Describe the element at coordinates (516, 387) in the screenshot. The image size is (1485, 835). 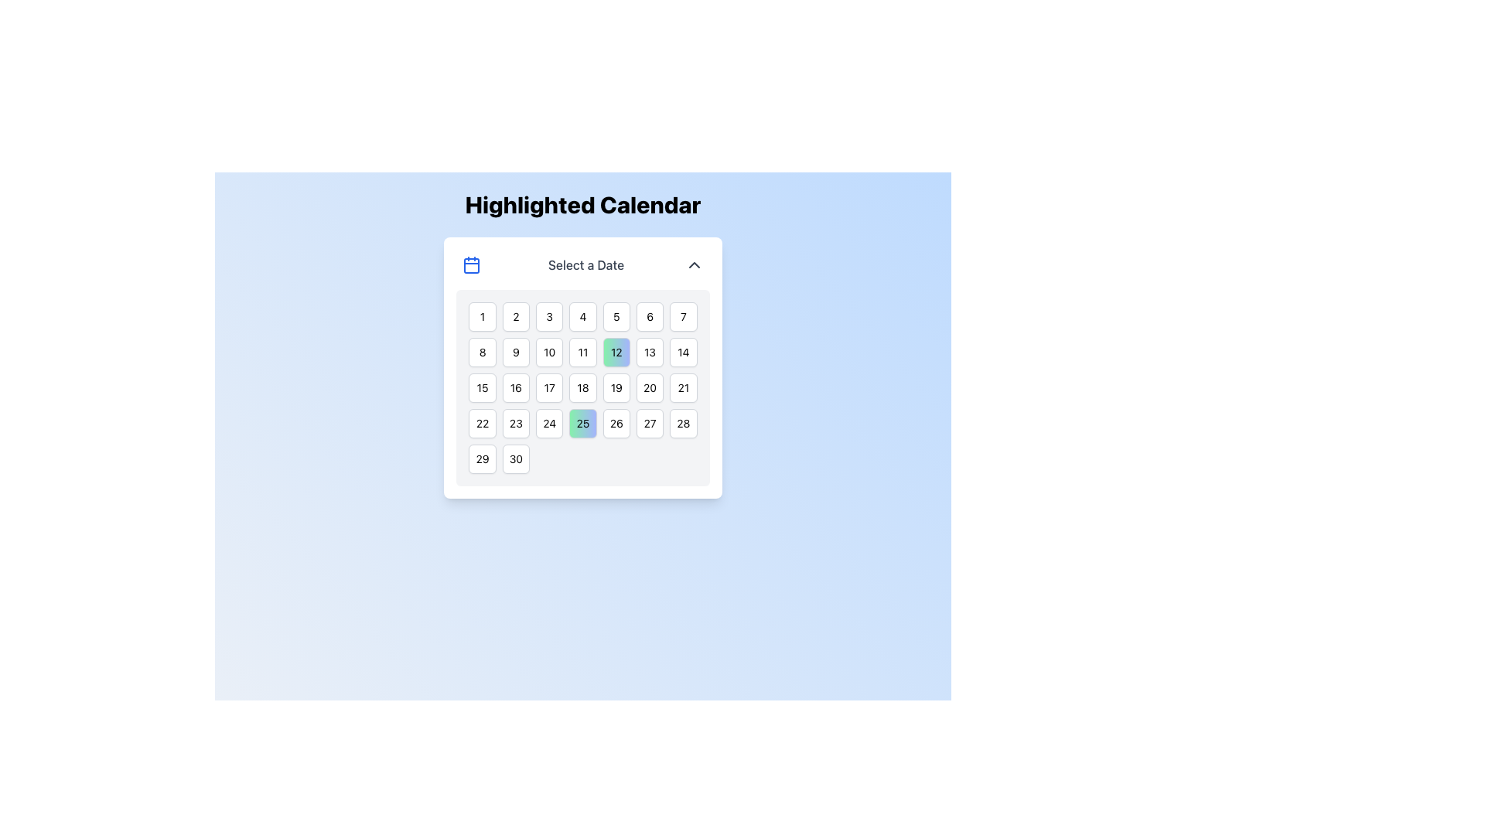
I see `the Calendar day button representing the 16th day of the month` at that location.